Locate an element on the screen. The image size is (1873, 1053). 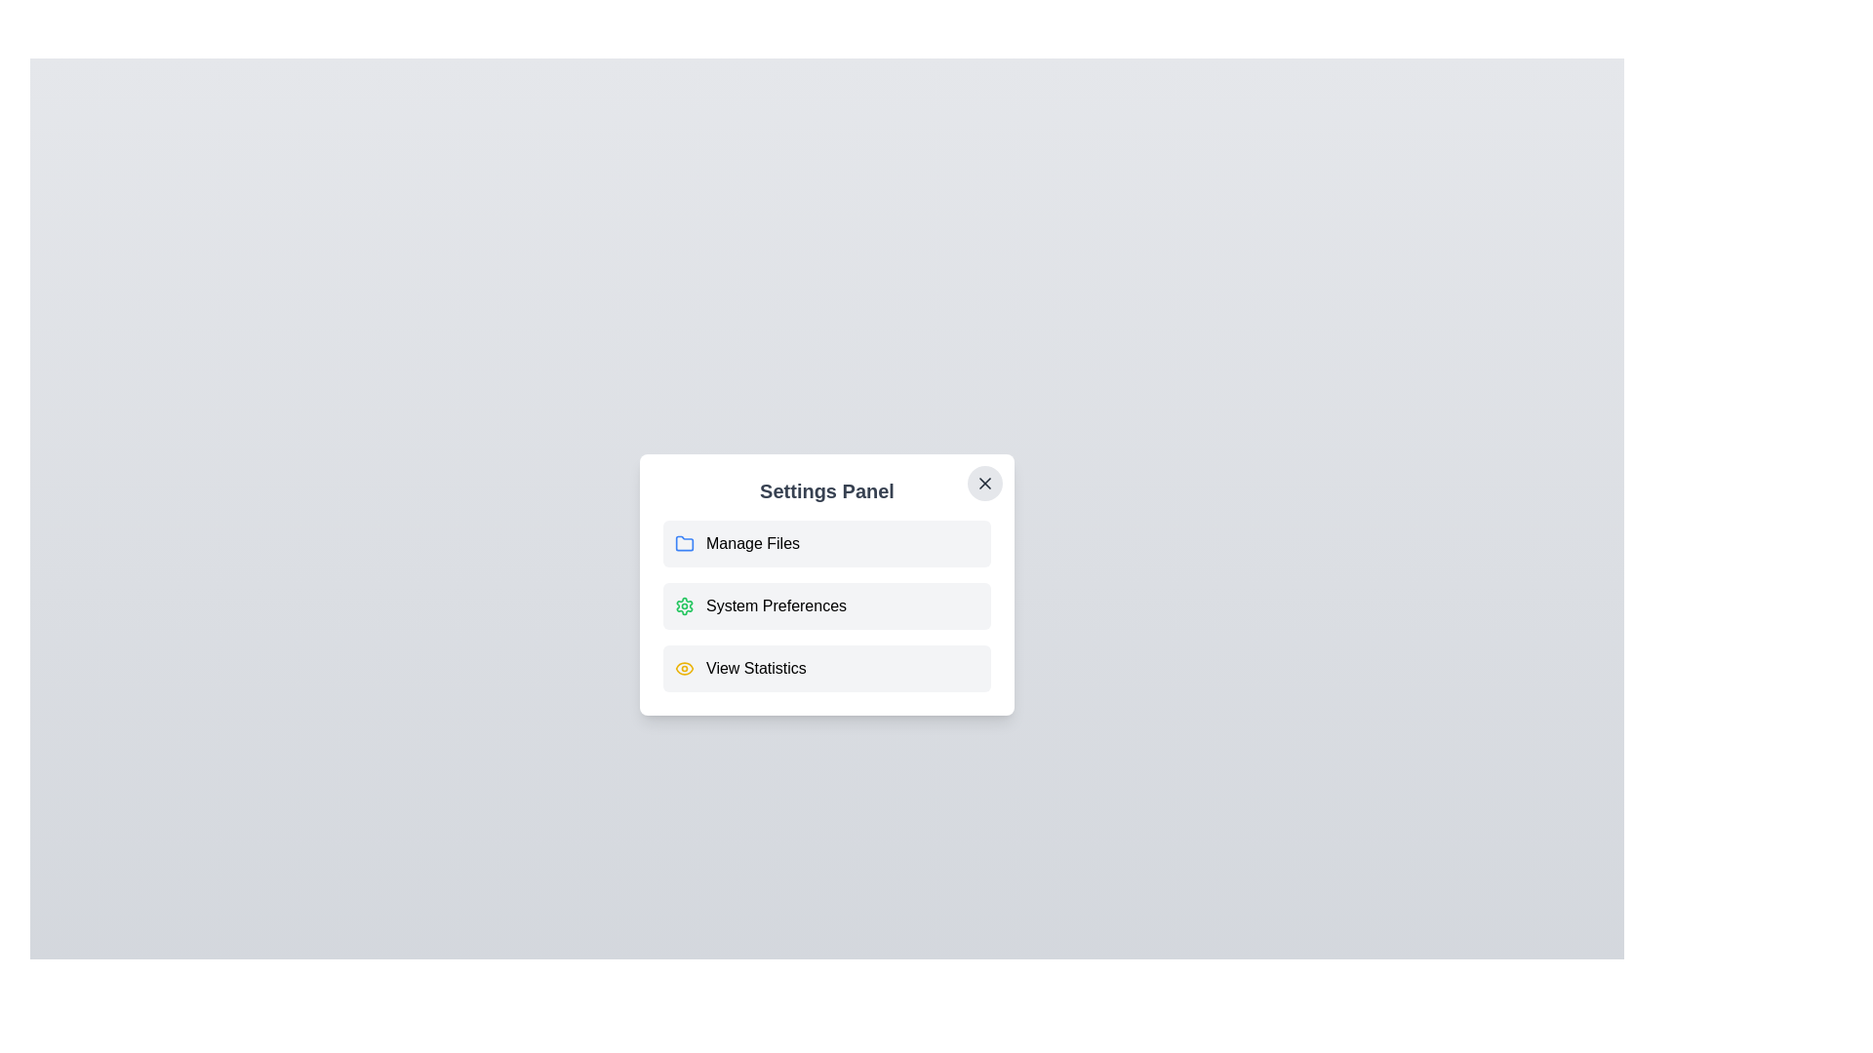
the file management button located in the Settings Panel, positioned above the System Preferences and View Statistics buttons is located at coordinates (827, 544).